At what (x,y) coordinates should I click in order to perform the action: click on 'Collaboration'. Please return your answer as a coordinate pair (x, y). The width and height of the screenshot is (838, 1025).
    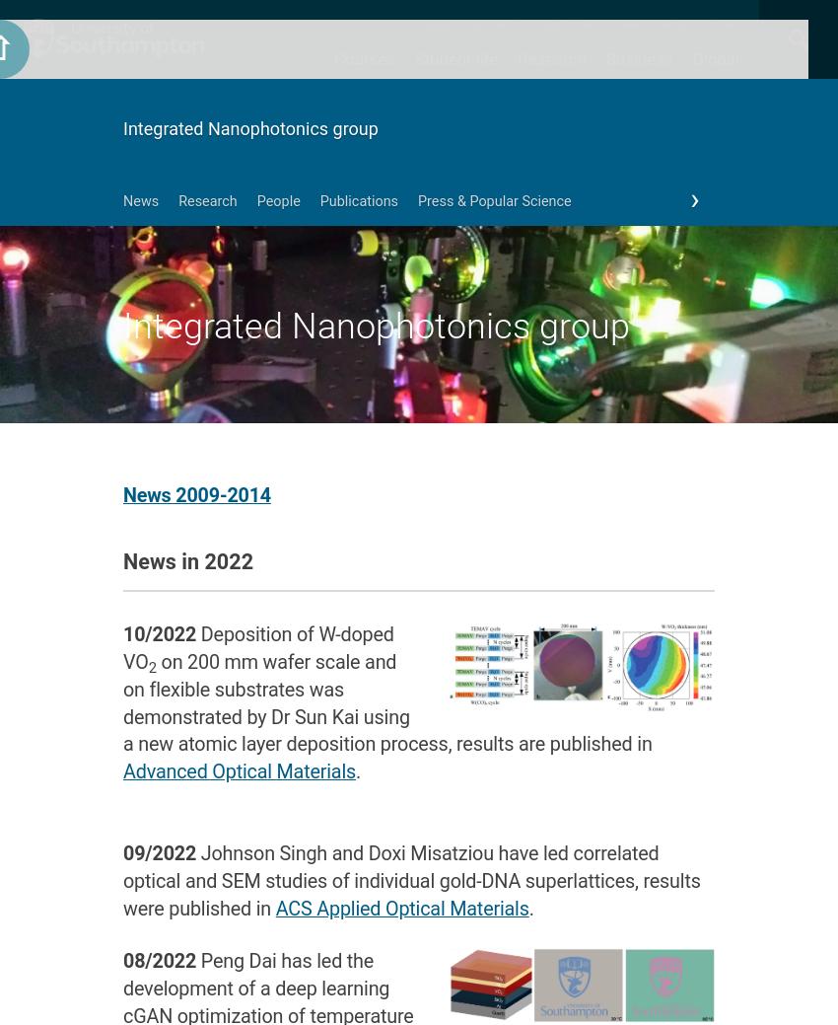
    Looking at the image, I should click on (652, 134).